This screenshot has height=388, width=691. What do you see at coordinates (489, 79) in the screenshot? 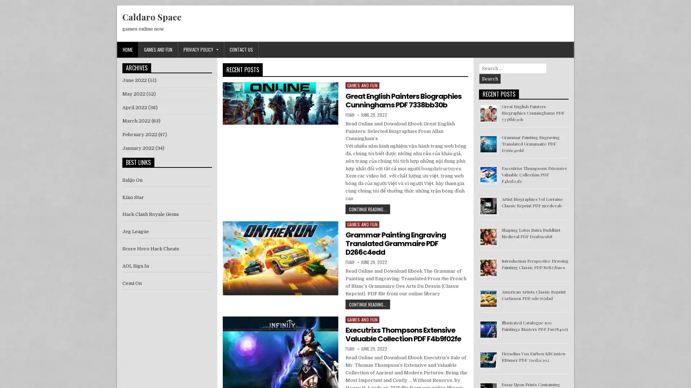
I see `Search` at bounding box center [489, 79].